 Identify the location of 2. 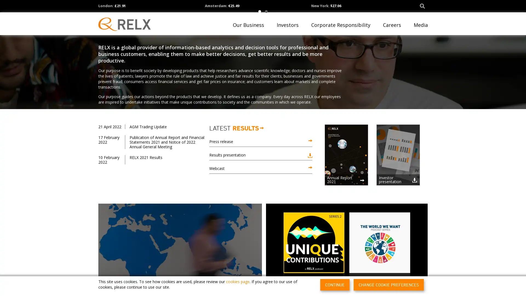
(266, 12).